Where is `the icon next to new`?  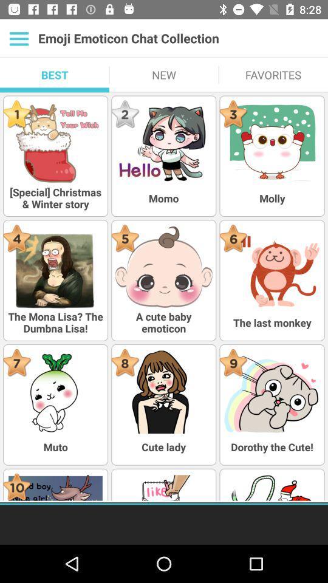 the icon next to new is located at coordinates (54, 74).